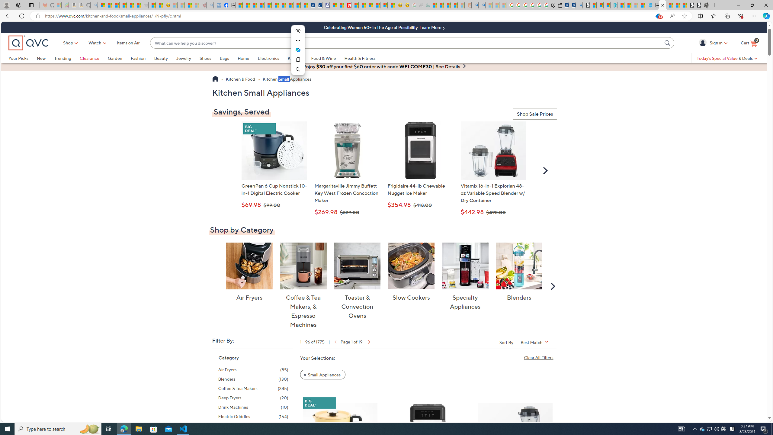  What do you see at coordinates (229, 358) in the screenshot?
I see `'Category'` at bounding box center [229, 358].